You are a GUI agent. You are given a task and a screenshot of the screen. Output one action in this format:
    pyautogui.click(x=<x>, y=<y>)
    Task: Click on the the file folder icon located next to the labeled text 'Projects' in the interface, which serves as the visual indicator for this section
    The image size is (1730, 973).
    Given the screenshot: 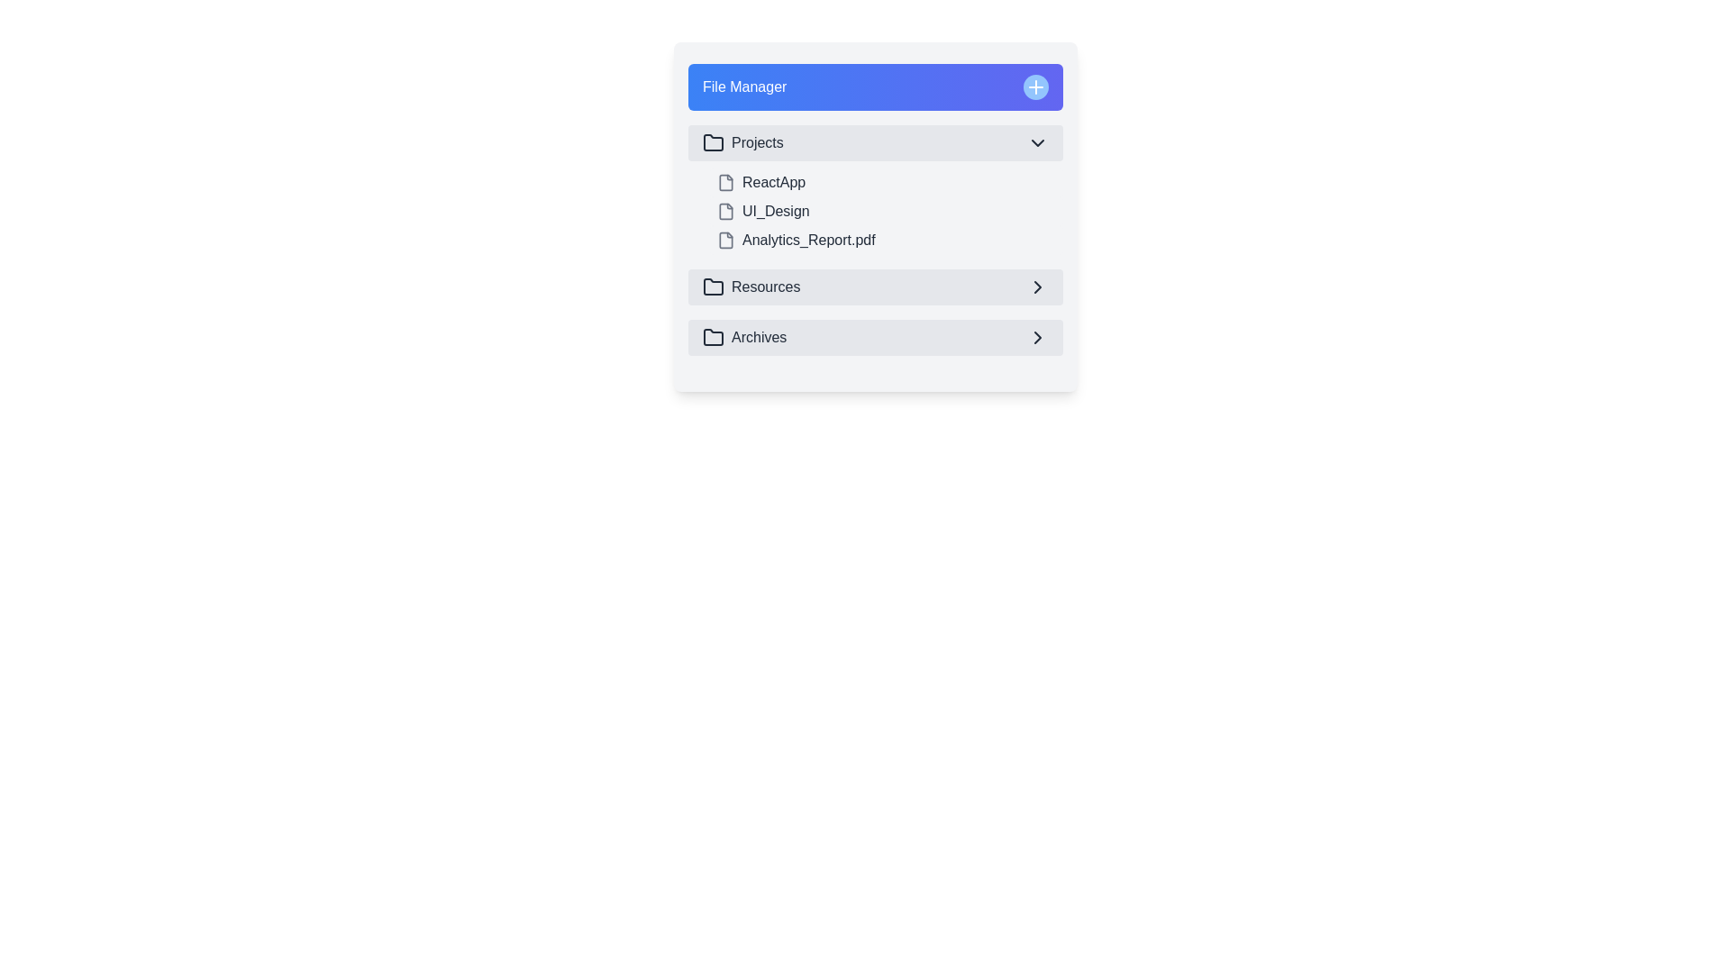 What is the action you would take?
    pyautogui.click(x=713, y=141)
    